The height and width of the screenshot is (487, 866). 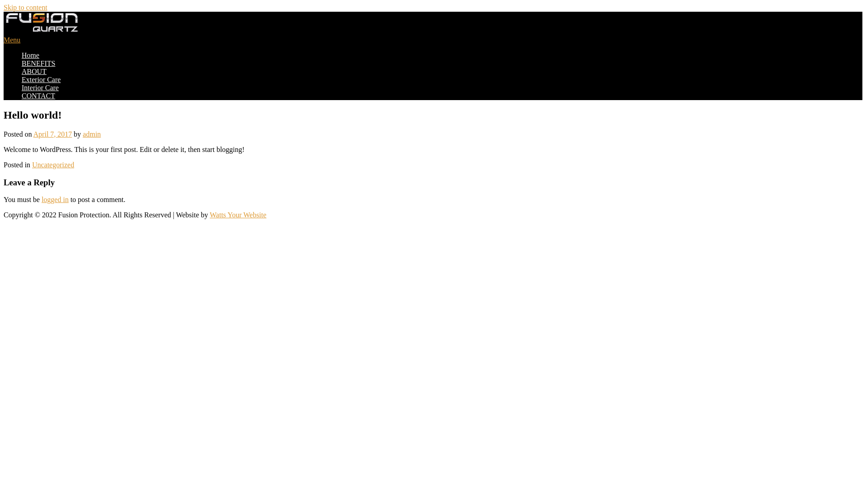 I want to click on 'Exterior Care', so click(x=41, y=79).